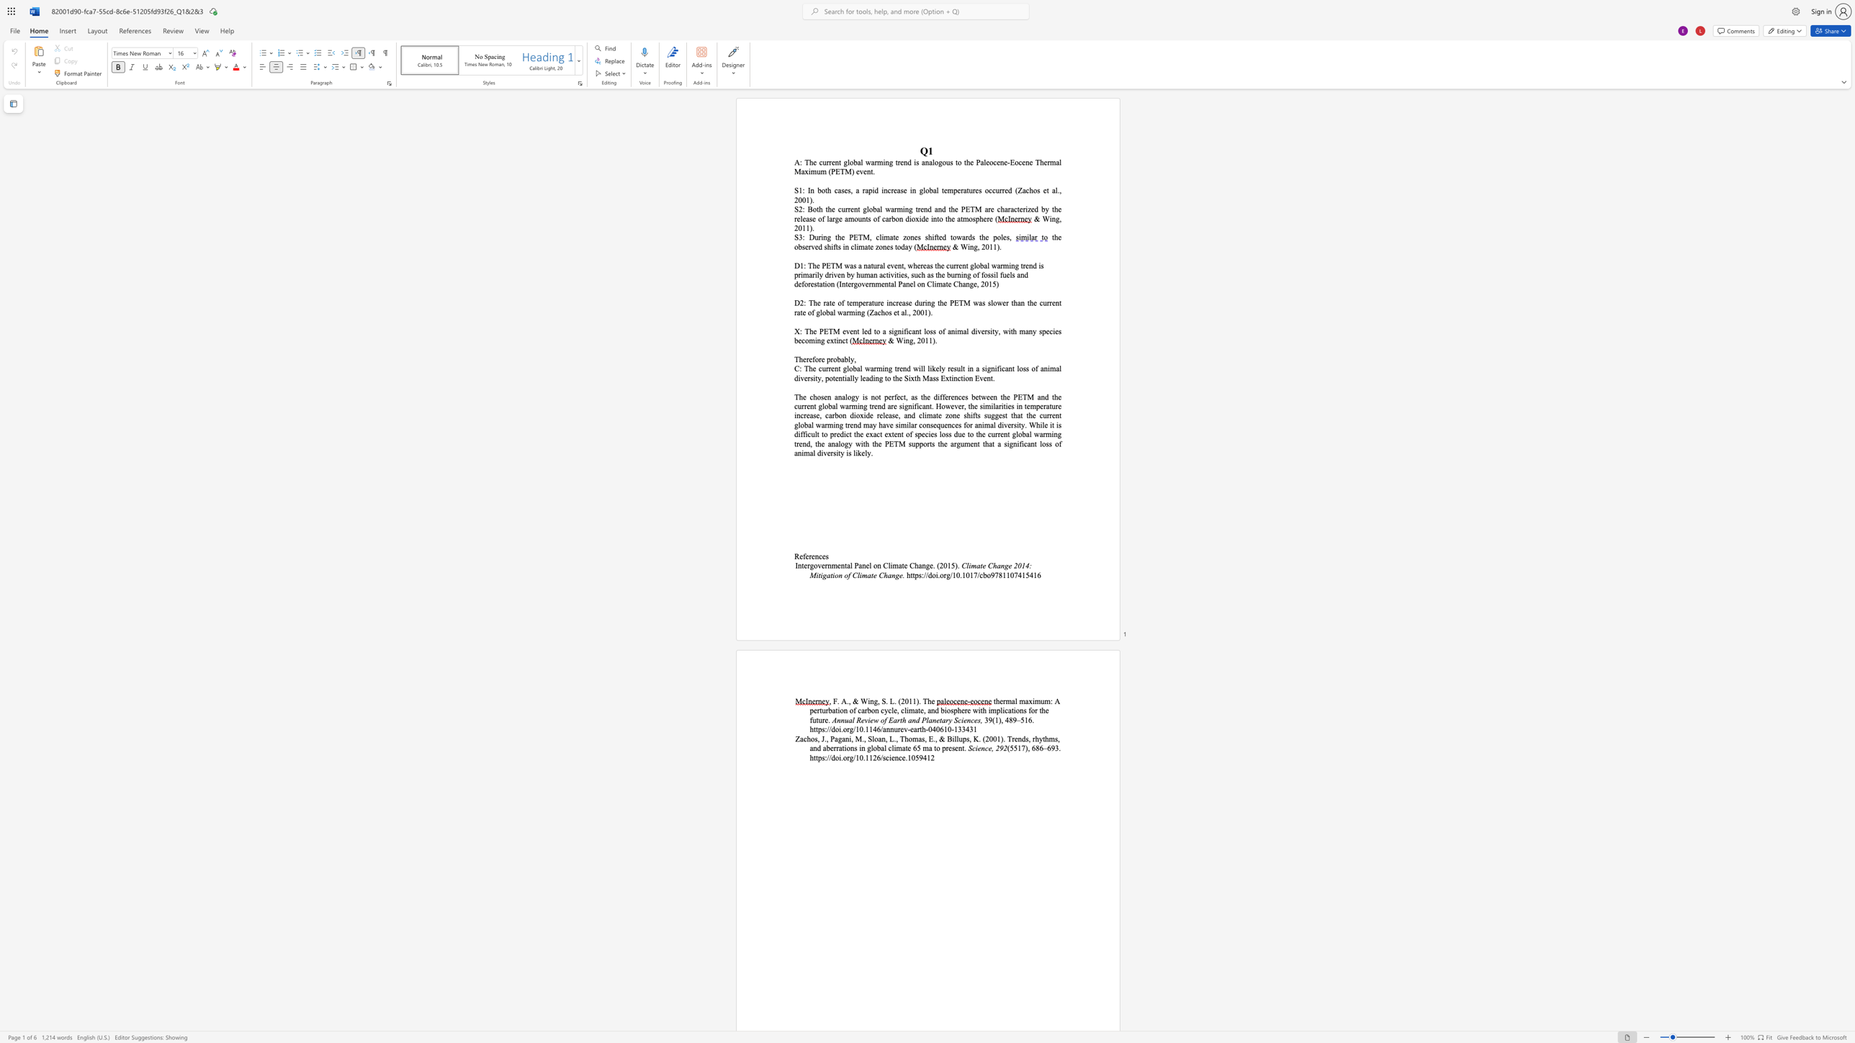  I want to click on the subset text "re i" within the text "D2: The rate of temperature i", so click(878, 302).